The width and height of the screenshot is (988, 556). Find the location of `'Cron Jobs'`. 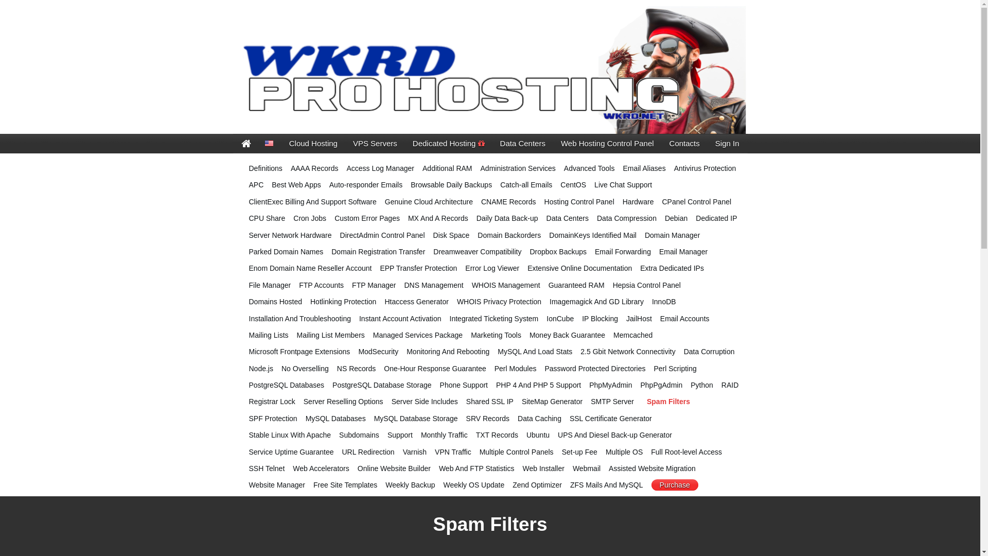

'Cron Jobs' is located at coordinates (293, 218).